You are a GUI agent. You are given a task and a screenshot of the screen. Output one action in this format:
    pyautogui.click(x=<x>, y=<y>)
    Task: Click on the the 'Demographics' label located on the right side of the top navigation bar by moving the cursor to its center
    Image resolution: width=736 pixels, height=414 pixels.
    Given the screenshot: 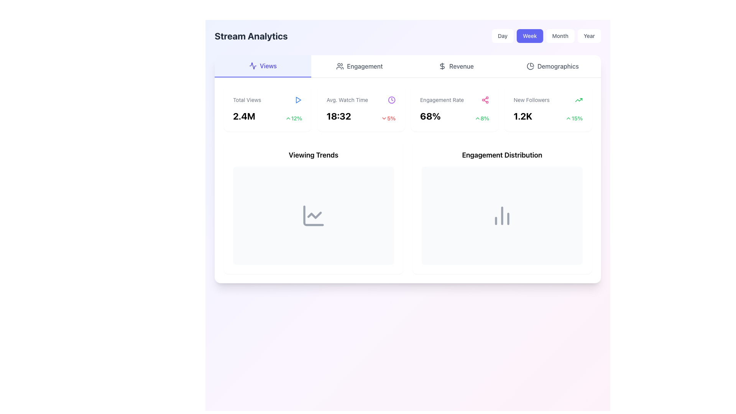 What is the action you would take?
    pyautogui.click(x=558, y=66)
    